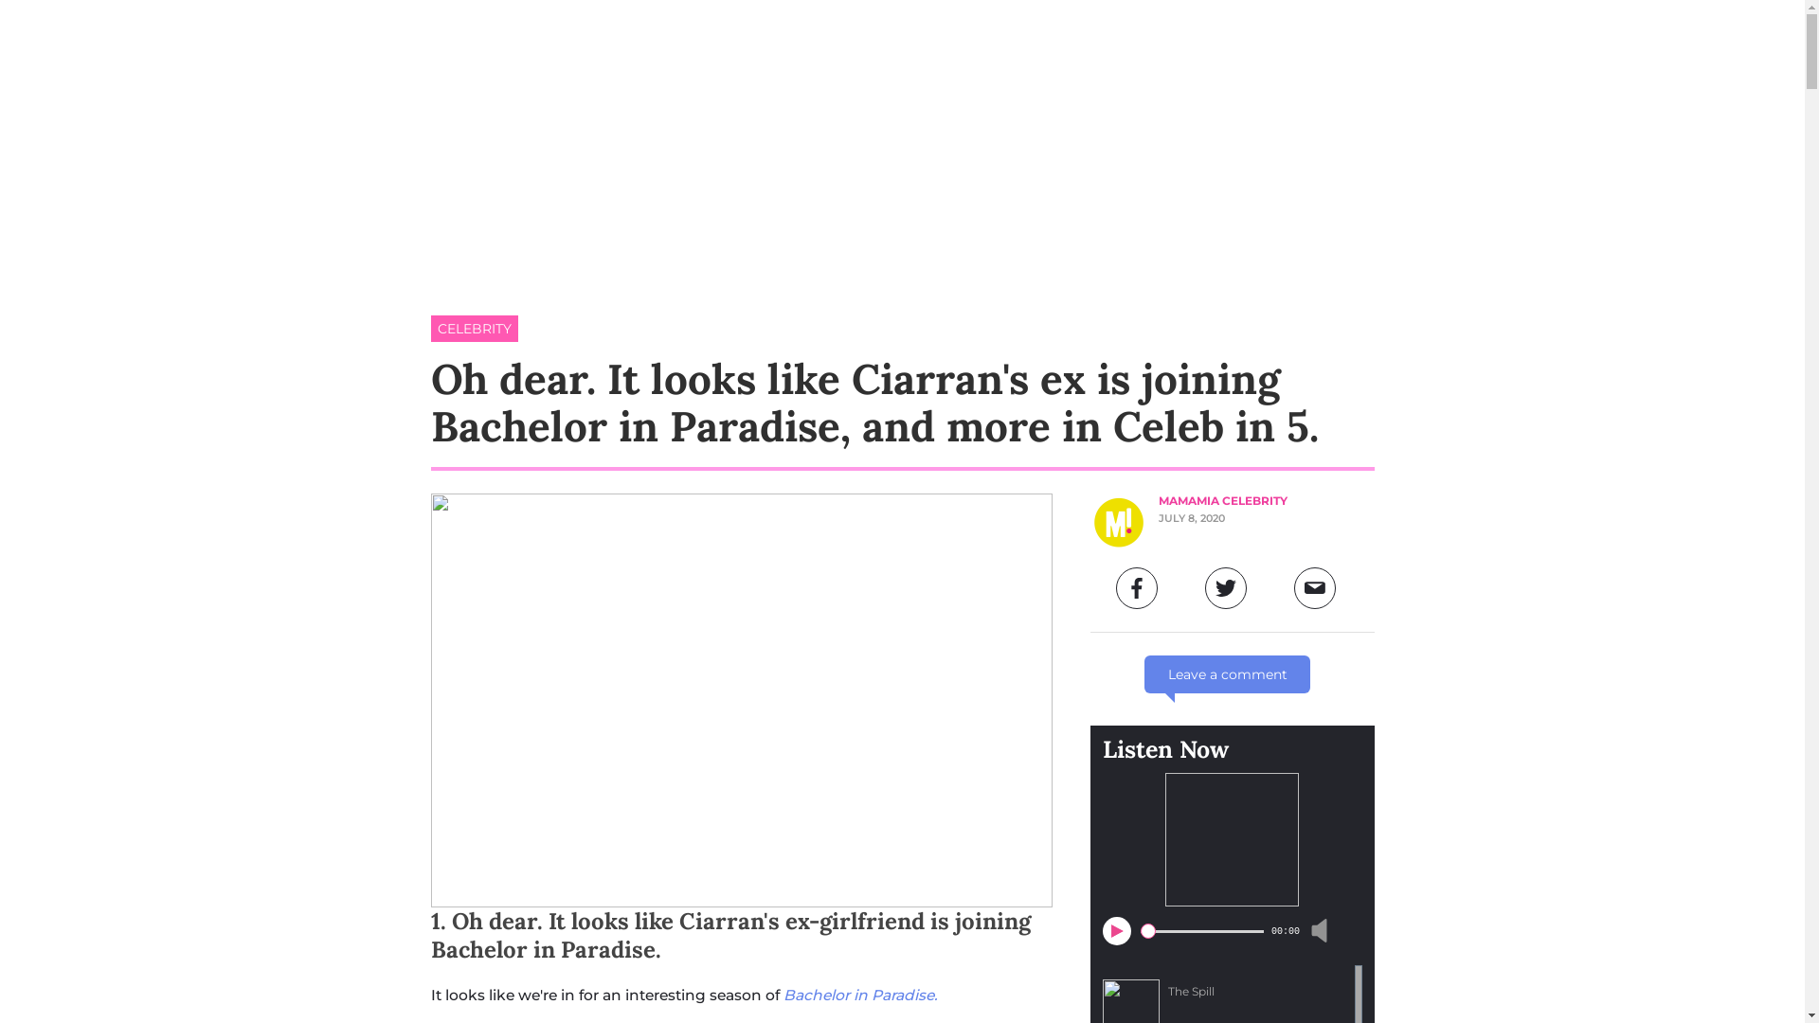 This screenshot has width=1819, height=1023. Describe the element at coordinates (860, 994) in the screenshot. I see `'Bachelor in Paradise. '` at that location.